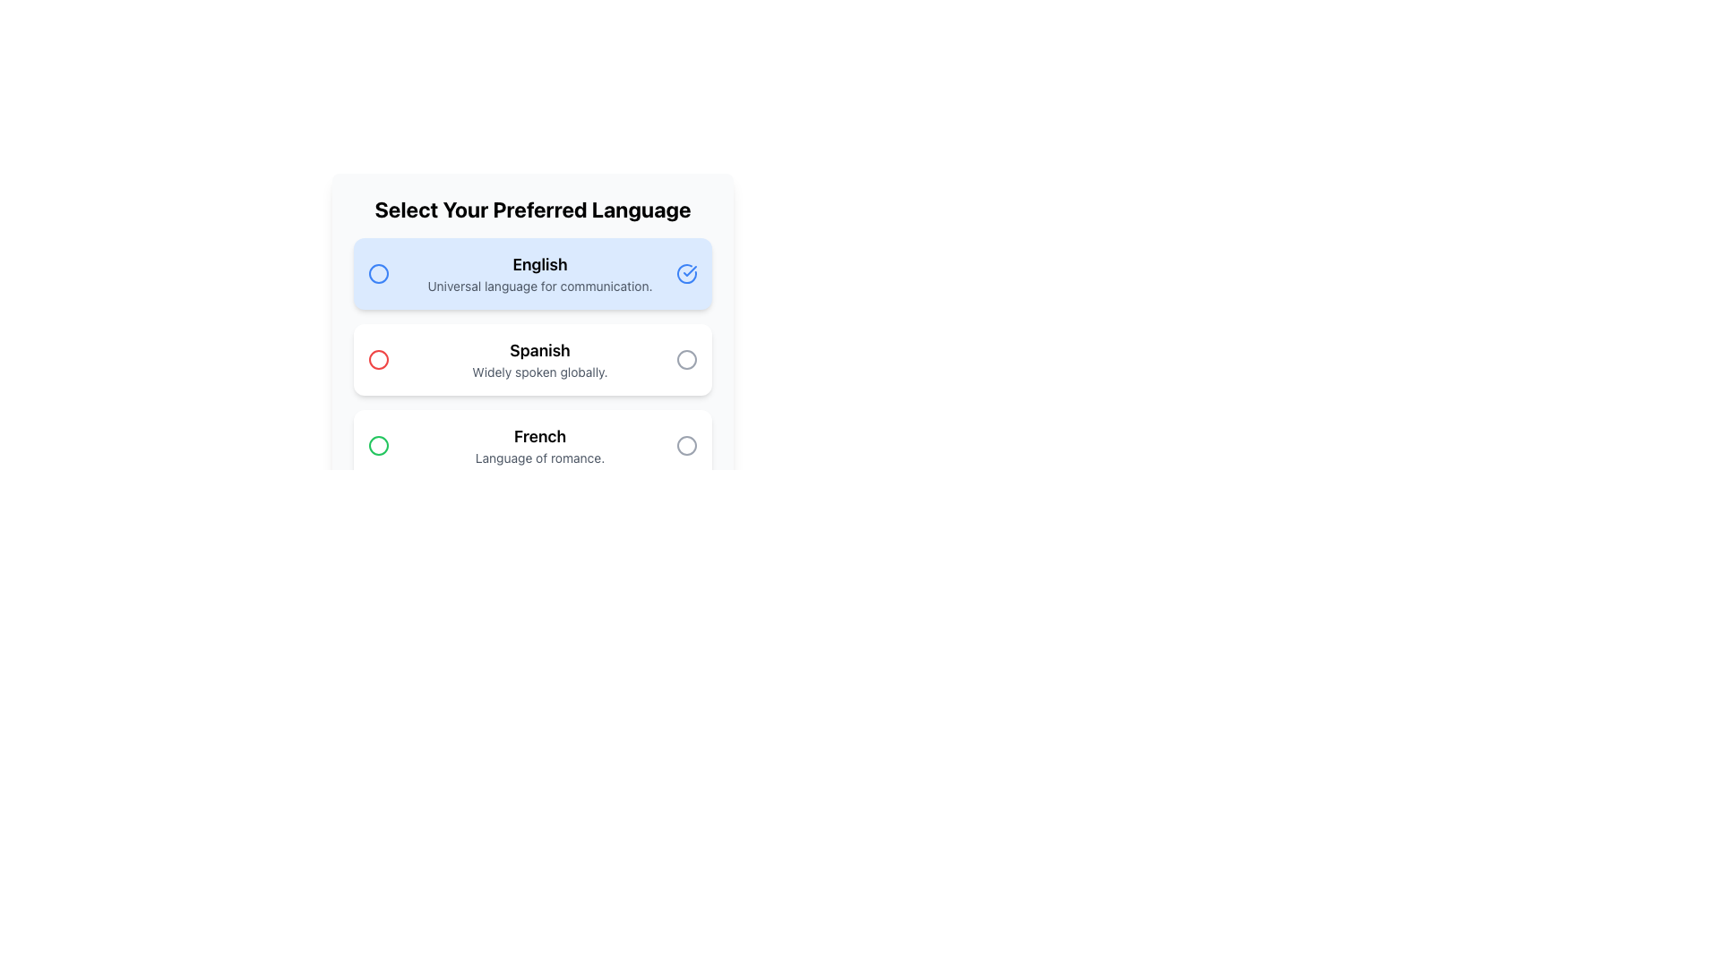 This screenshot has width=1720, height=967. What do you see at coordinates (539, 265) in the screenshot?
I see `the static text element representing the 'English' option, which is the title of the first section in a vertically stacked list, highlighted in blue` at bounding box center [539, 265].